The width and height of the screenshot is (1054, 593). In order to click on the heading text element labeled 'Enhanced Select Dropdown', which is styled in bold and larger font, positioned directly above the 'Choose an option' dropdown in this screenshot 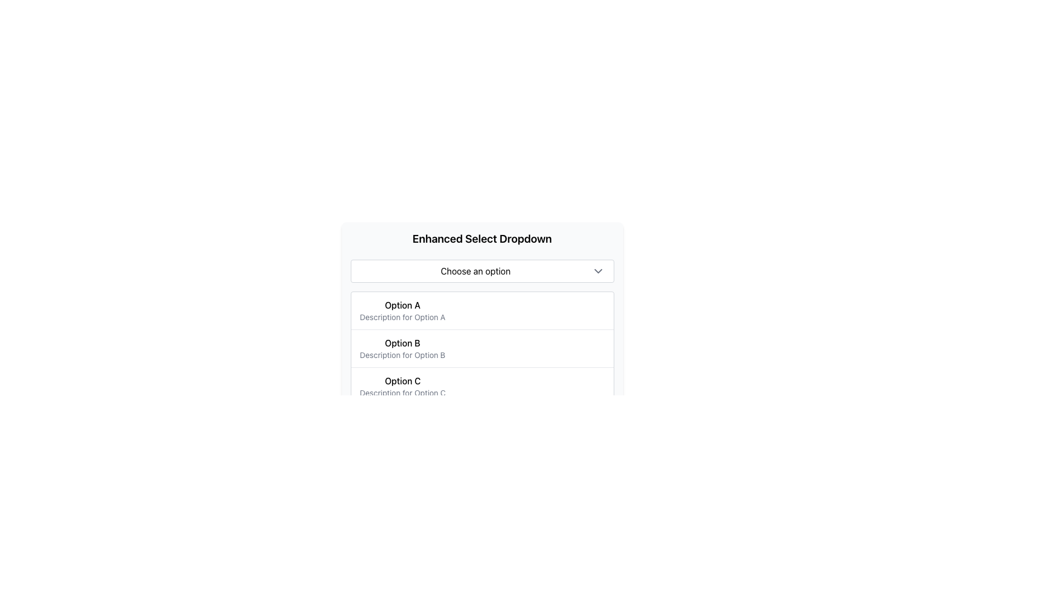, I will do `click(482, 238)`.